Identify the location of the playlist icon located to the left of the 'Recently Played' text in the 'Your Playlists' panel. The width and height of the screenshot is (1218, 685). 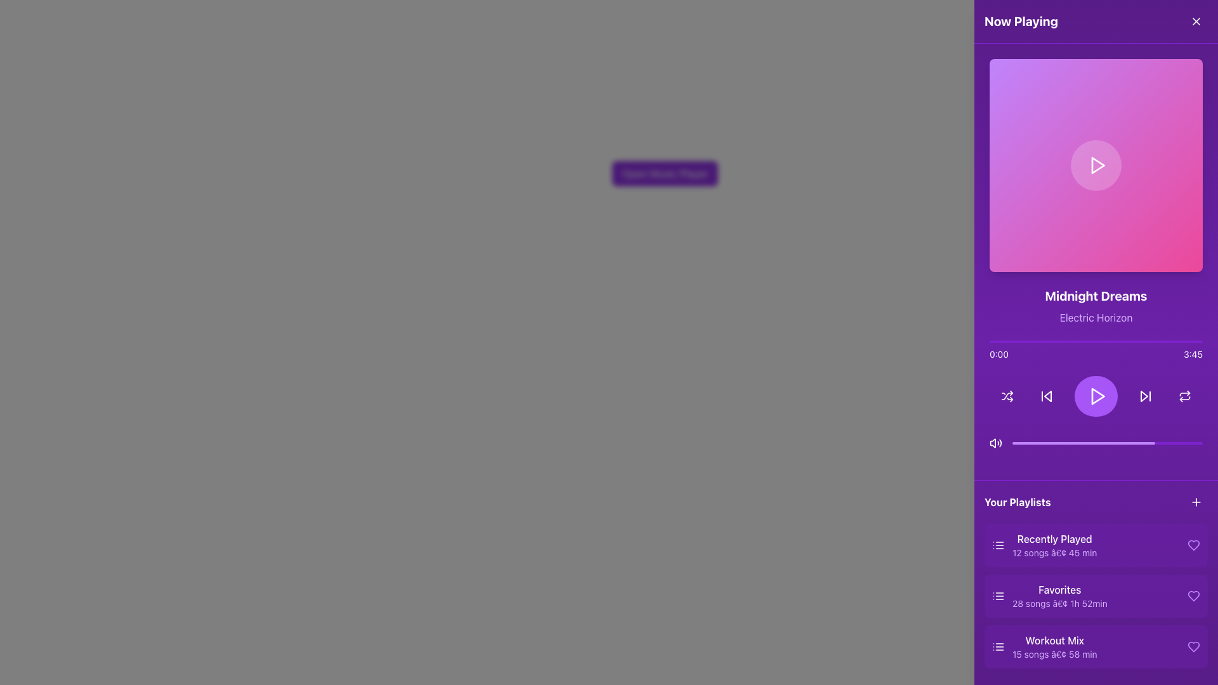
(998, 545).